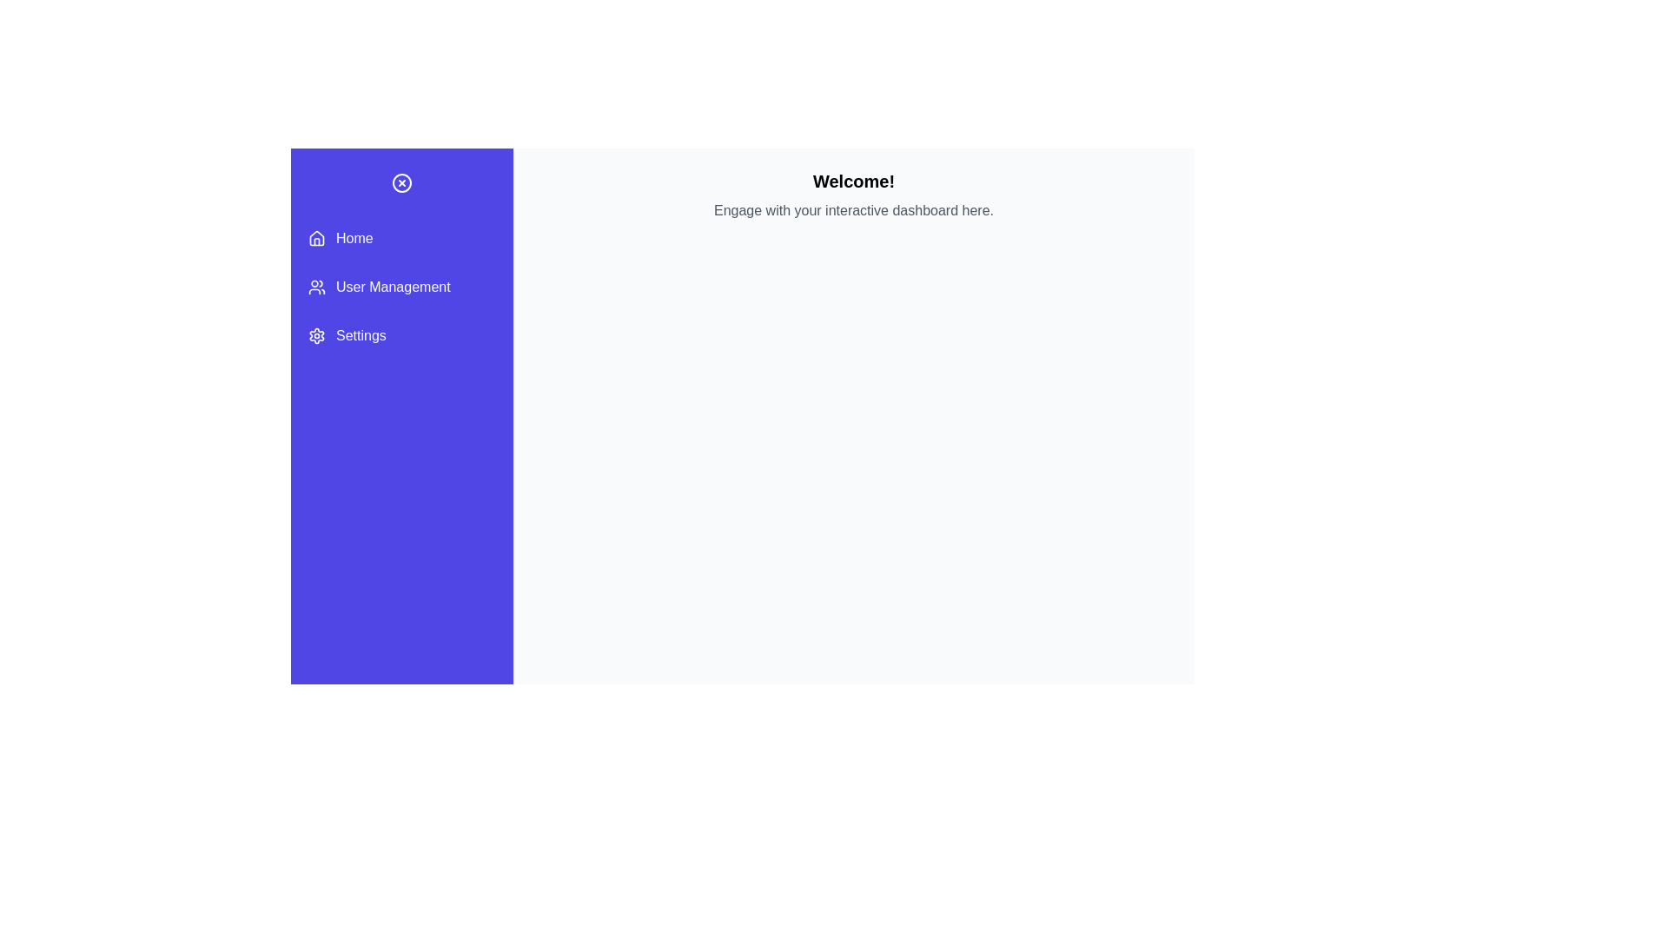  I want to click on the menu item Settings to navigate, so click(400, 335).